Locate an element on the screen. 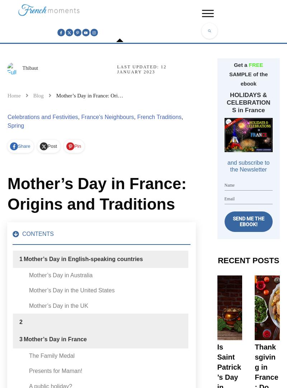 The height and width of the screenshot is (388, 287). 'CONTENTS' is located at coordinates (38, 233).